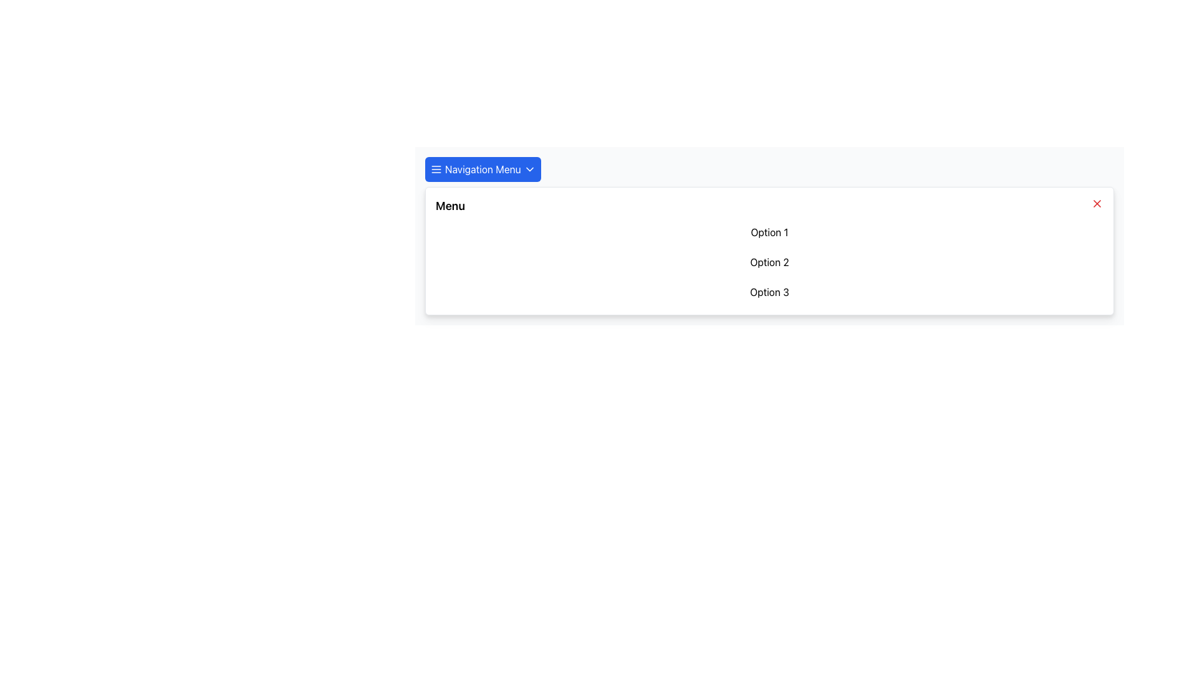 This screenshot has width=1197, height=673. Describe the element at coordinates (1097, 203) in the screenshot. I see `the red 'X' icon button located at the far right of the 'Menu' header` at that location.